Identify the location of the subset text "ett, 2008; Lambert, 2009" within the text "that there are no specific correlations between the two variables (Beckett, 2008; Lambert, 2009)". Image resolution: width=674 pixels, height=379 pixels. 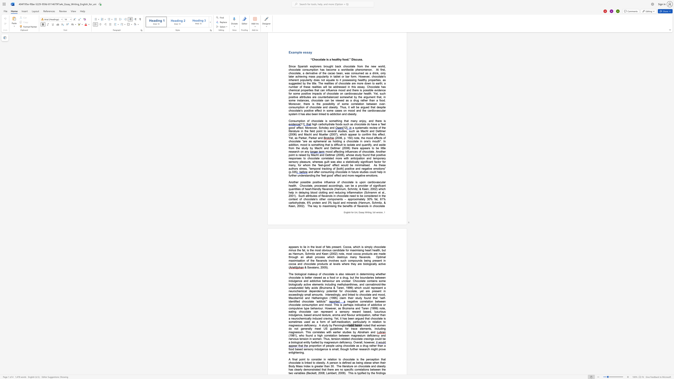
(313, 373).